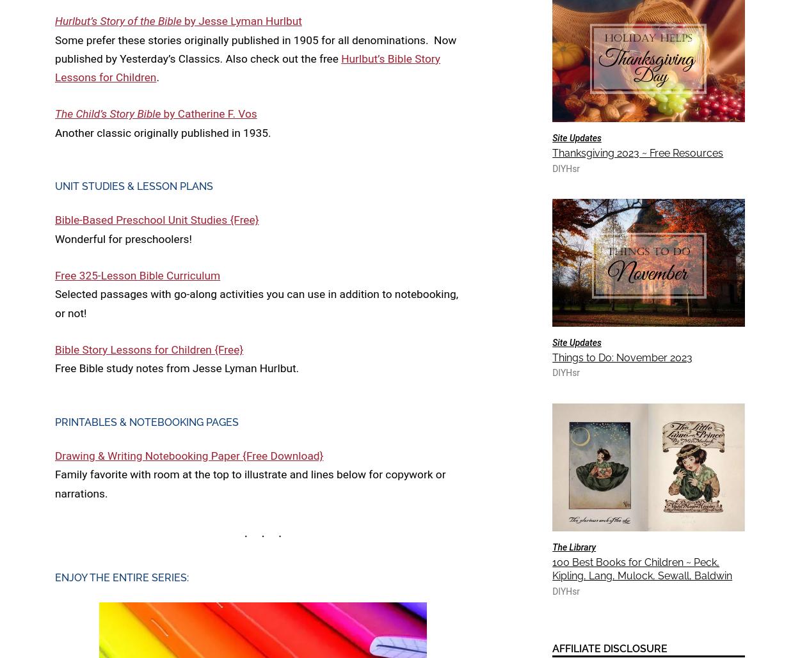 The image size is (800, 658). What do you see at coordinates (642, 568) in the screenshot?
I see `'100 Best Books for Children ~ Peck, Kipling, Lang, Mulock, Sewall, Baldwin'` at bounding box center [642, 568].